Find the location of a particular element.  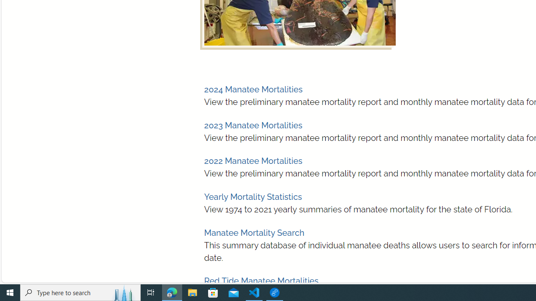

'Manatee Mortality Search' is located at coordinates (253, 232).